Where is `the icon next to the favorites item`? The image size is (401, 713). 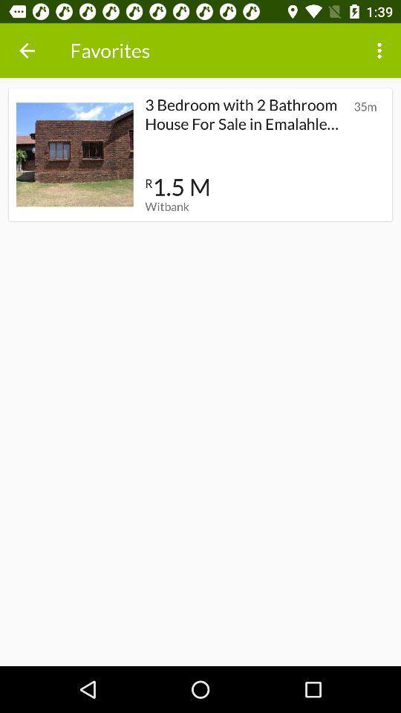
the icon next to the favorites item is located at coordinates (381, 51).